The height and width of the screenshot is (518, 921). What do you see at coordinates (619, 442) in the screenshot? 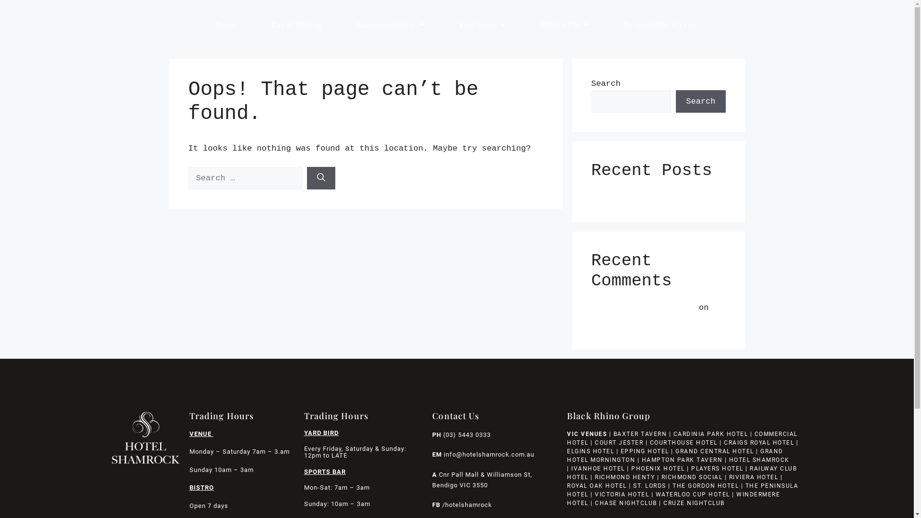
I see `'COURT JESTER'` at bounding box center [619, 442].